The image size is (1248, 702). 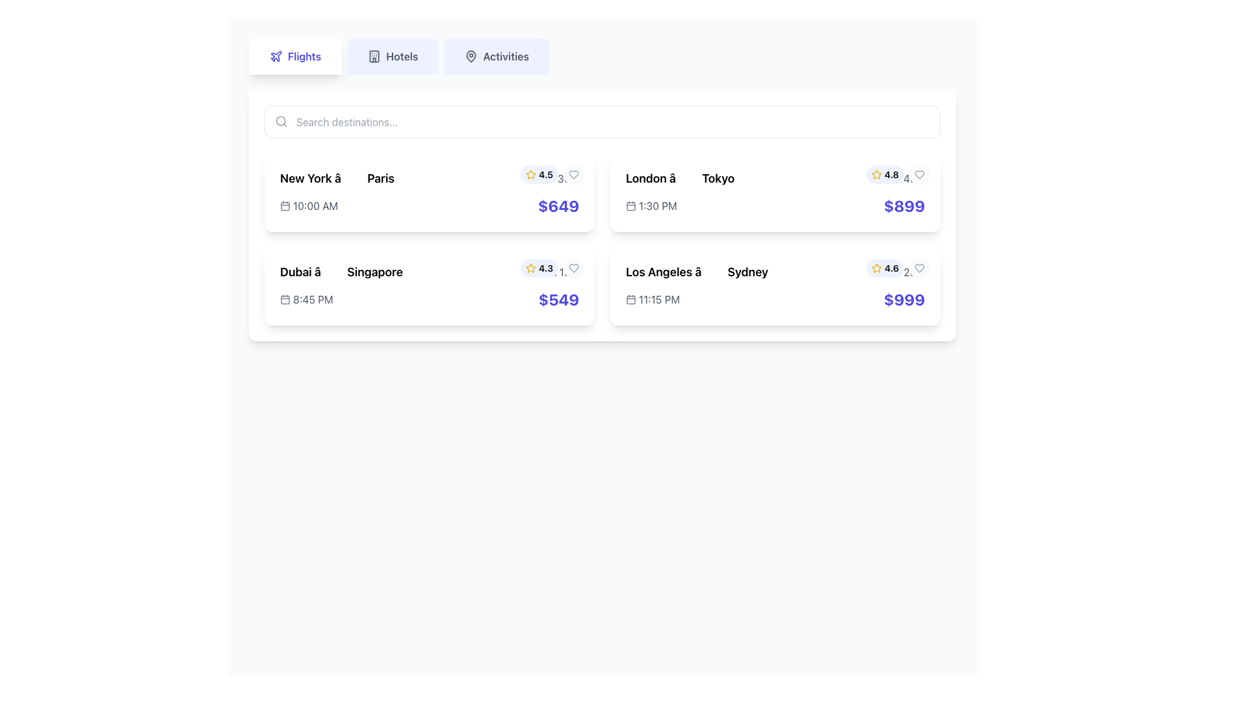 I want to click on the small hotel building icon located in the 'Hotels' tab, which is aligned left of its label text in the upper section of the interface, so click(x=374, y=56).